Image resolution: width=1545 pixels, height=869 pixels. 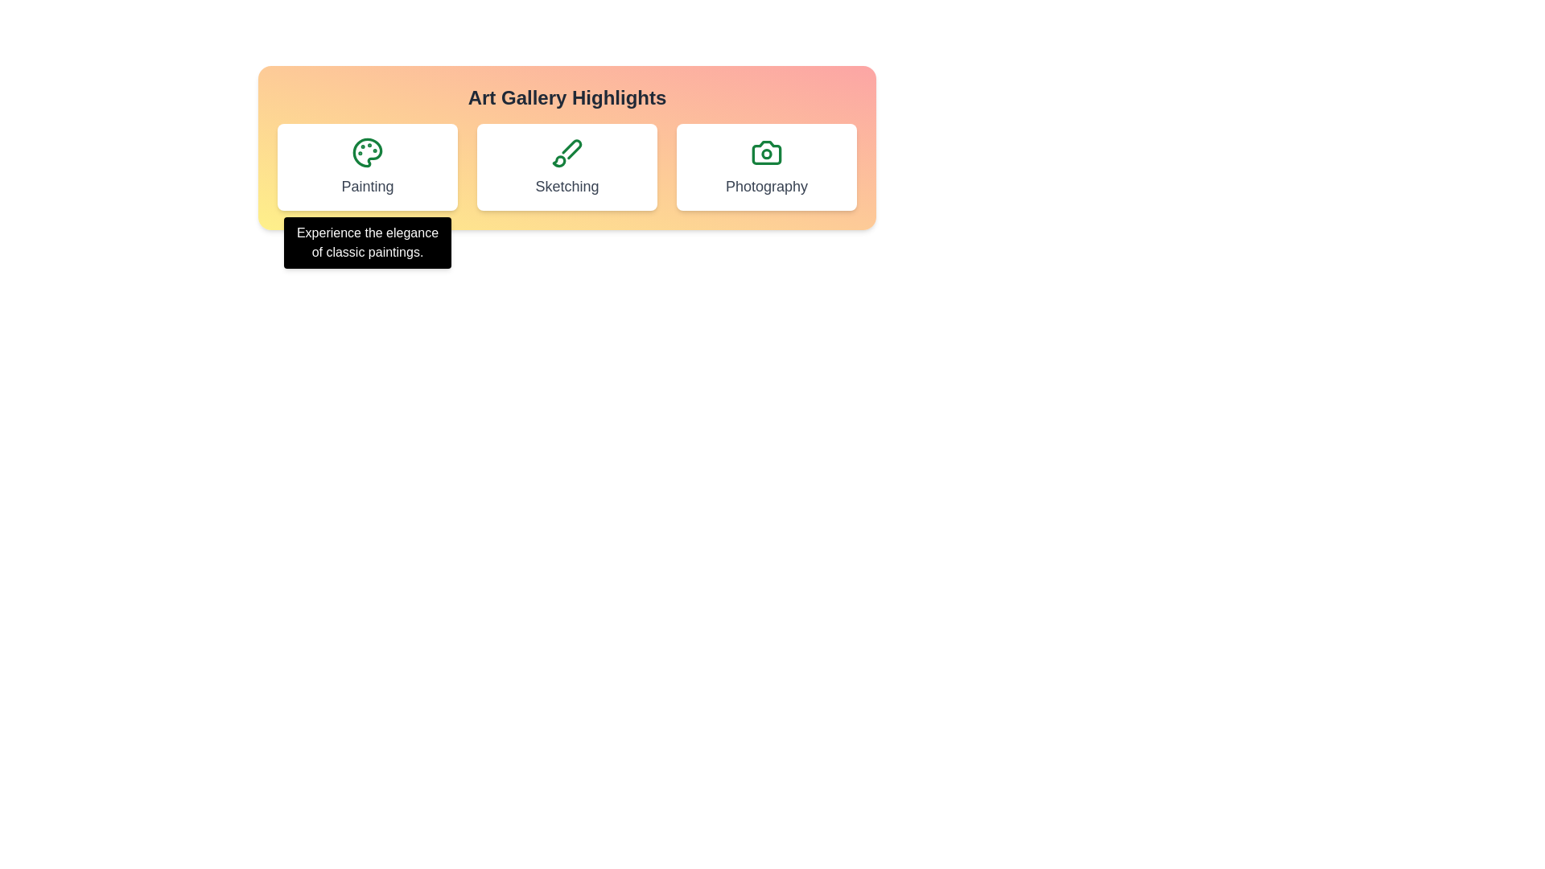 What do you see at coordinates (366, 152) in the screenshot?
I see `the small green painter's palette icon located at the top of the 'Painting' card in the 'Art Gallery Highlights' section` at bounding box center [366, 152].